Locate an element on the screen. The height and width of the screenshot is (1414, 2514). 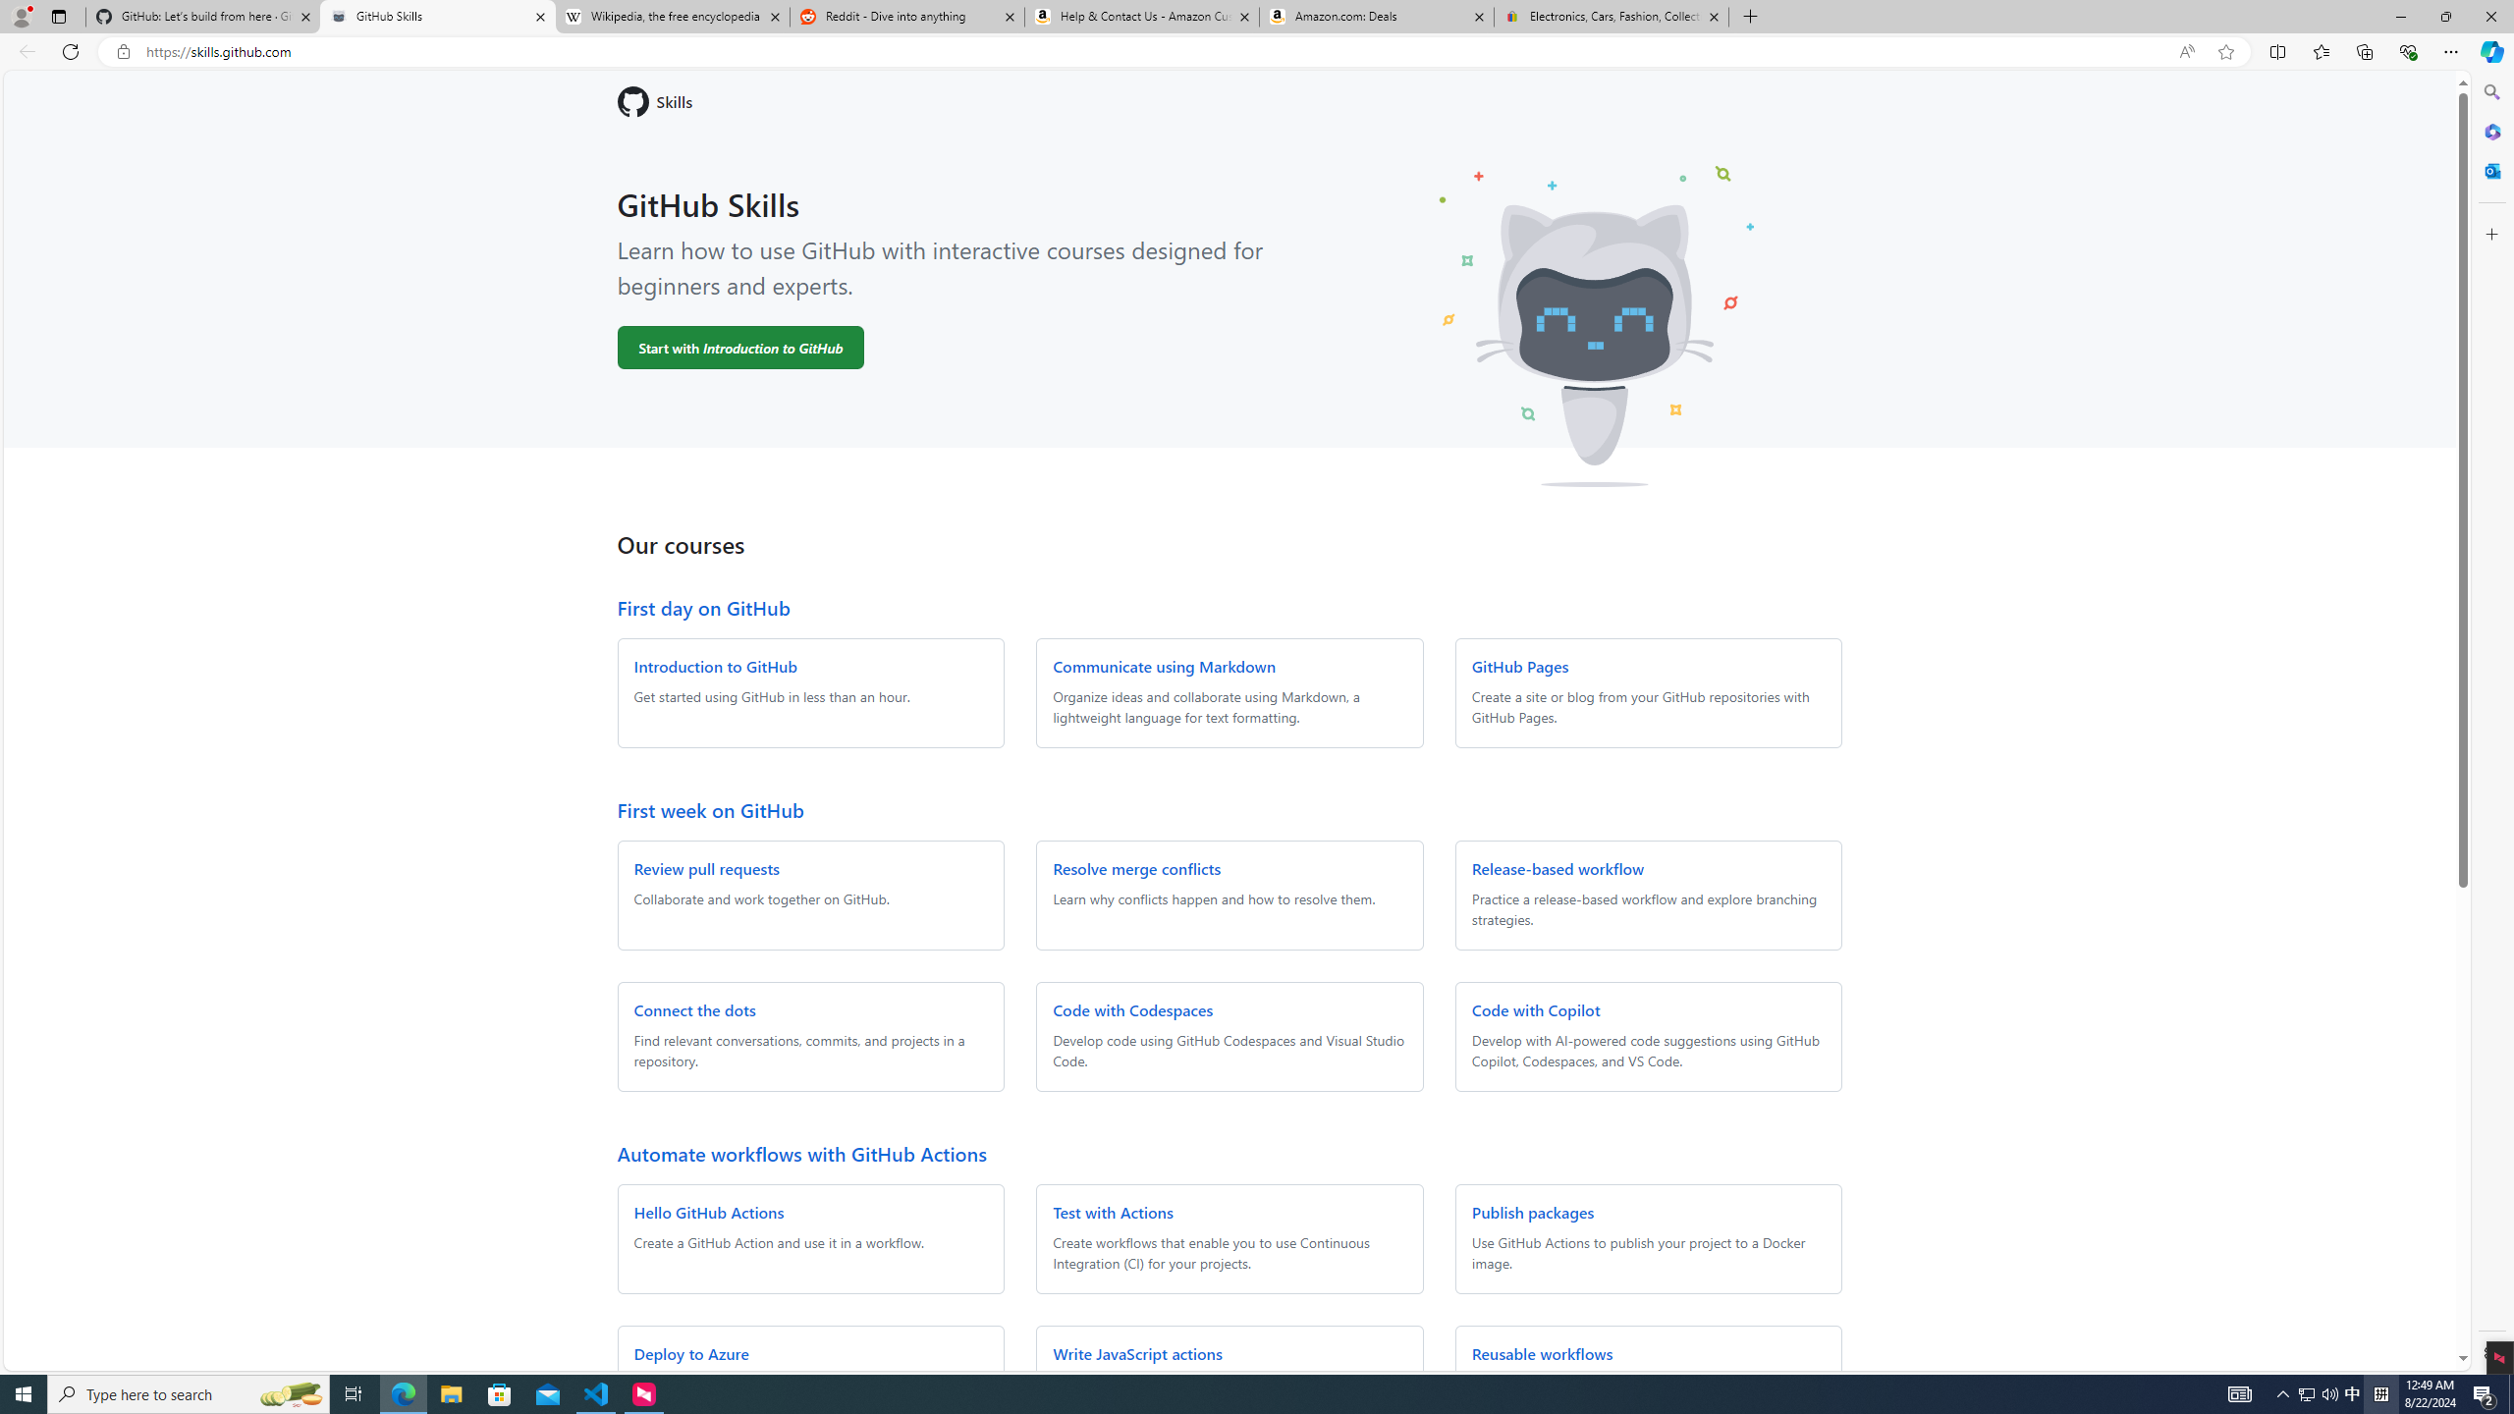
'Reusable workflows' is located at coordinates (1541, 1353).